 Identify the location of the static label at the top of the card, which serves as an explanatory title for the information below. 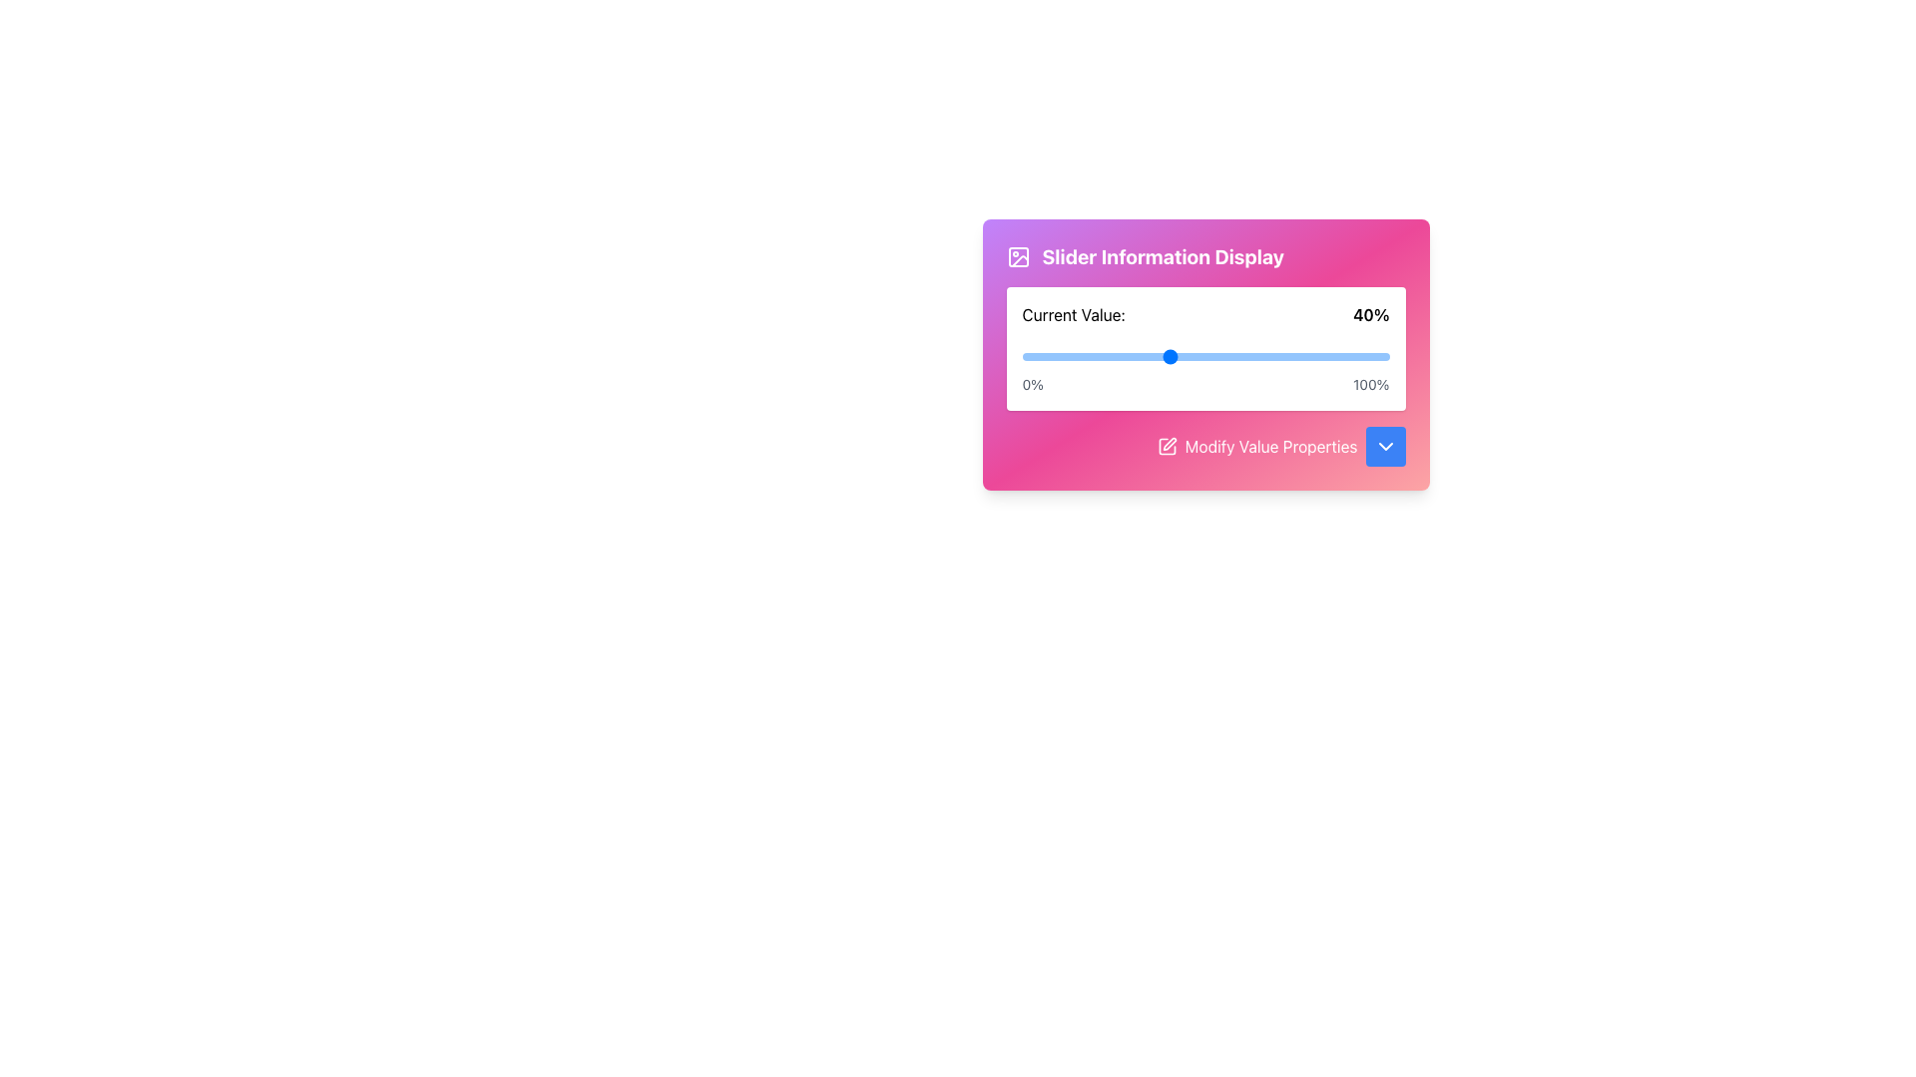
(1204, 256).